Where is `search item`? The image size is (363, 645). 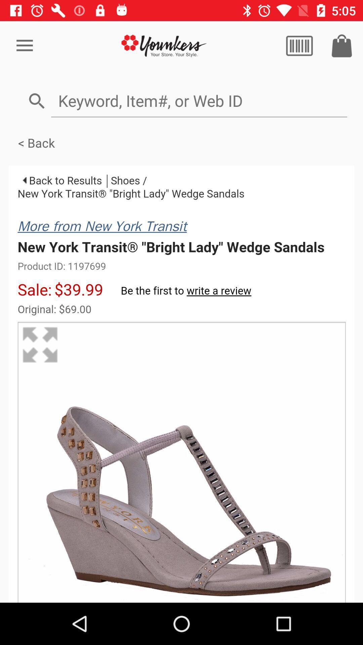
search item is located at coordinates (199, 100).